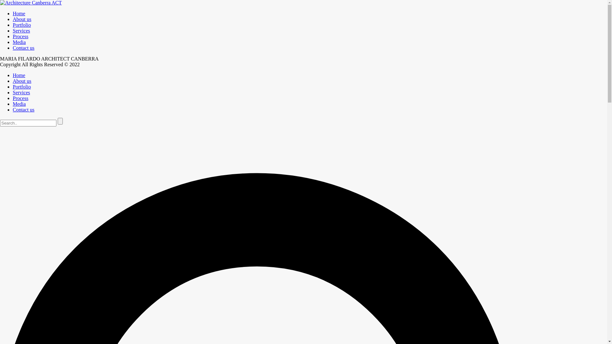 Image resolution: width=612 pixels, height=344 pixels. Describe the element at coordinates (30, 3) in the screenshot. I see `'Maria Filardo Architect Canberra'` at that location.